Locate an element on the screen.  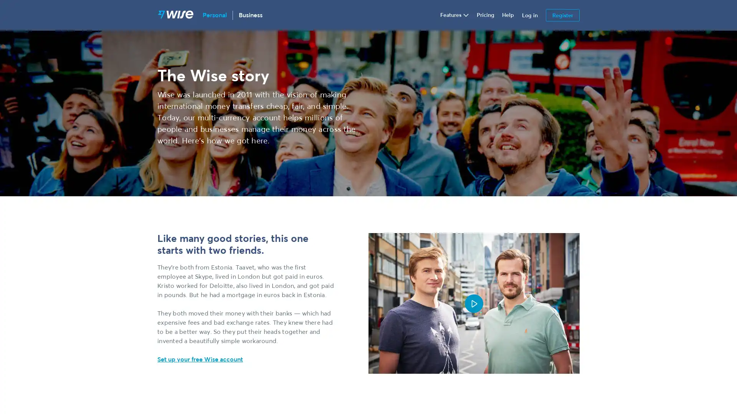
Play is located at coordinates (473, 302).